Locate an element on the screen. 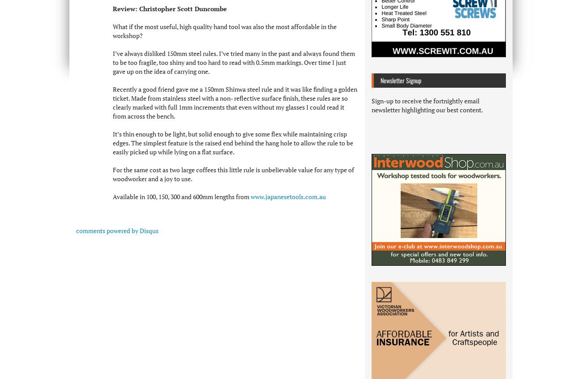  'www.japanesetools.com.au' is located at coordinates (288, 196).